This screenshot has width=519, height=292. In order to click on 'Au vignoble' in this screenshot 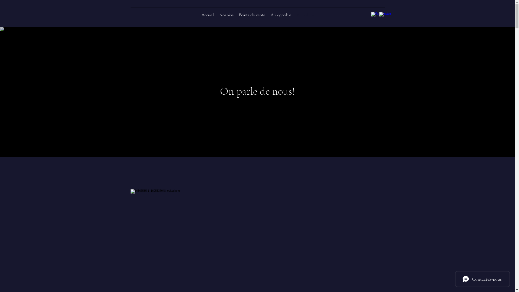, I will do `click(281, 14)`.